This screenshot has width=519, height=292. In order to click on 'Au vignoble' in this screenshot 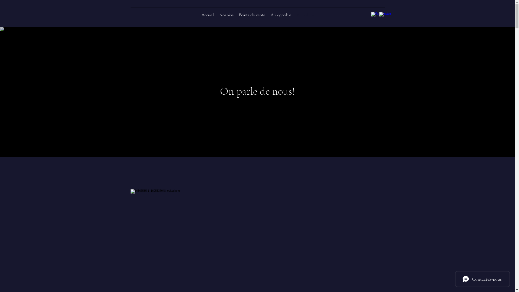, I will do `click(281, 14)`.